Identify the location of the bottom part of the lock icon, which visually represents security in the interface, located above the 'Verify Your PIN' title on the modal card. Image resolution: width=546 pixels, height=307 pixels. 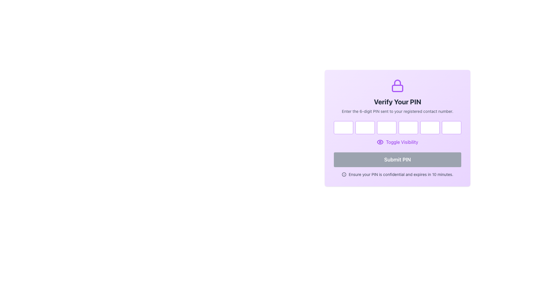
(397, 88).